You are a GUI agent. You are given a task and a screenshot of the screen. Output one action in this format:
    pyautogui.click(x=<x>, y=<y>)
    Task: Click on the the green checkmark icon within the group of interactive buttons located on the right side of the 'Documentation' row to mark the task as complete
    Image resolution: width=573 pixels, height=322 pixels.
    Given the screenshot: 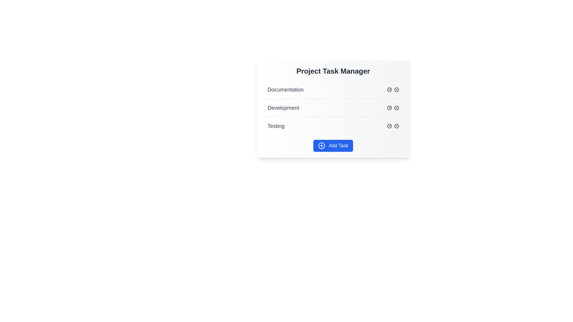 What is the action you would take?
    pyautogui.click(x=393, y=89)
    